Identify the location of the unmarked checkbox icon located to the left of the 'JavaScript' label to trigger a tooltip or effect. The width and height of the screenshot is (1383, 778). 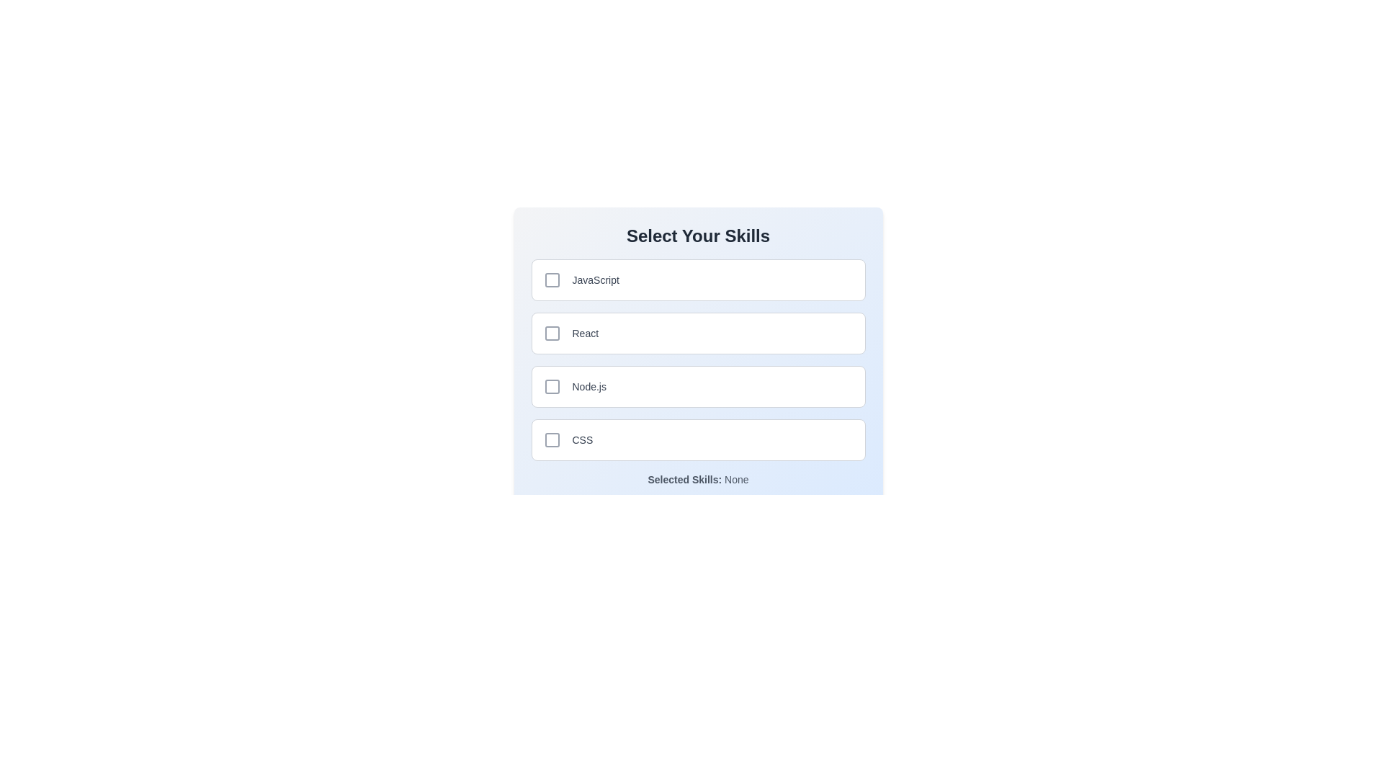
(551, 280).